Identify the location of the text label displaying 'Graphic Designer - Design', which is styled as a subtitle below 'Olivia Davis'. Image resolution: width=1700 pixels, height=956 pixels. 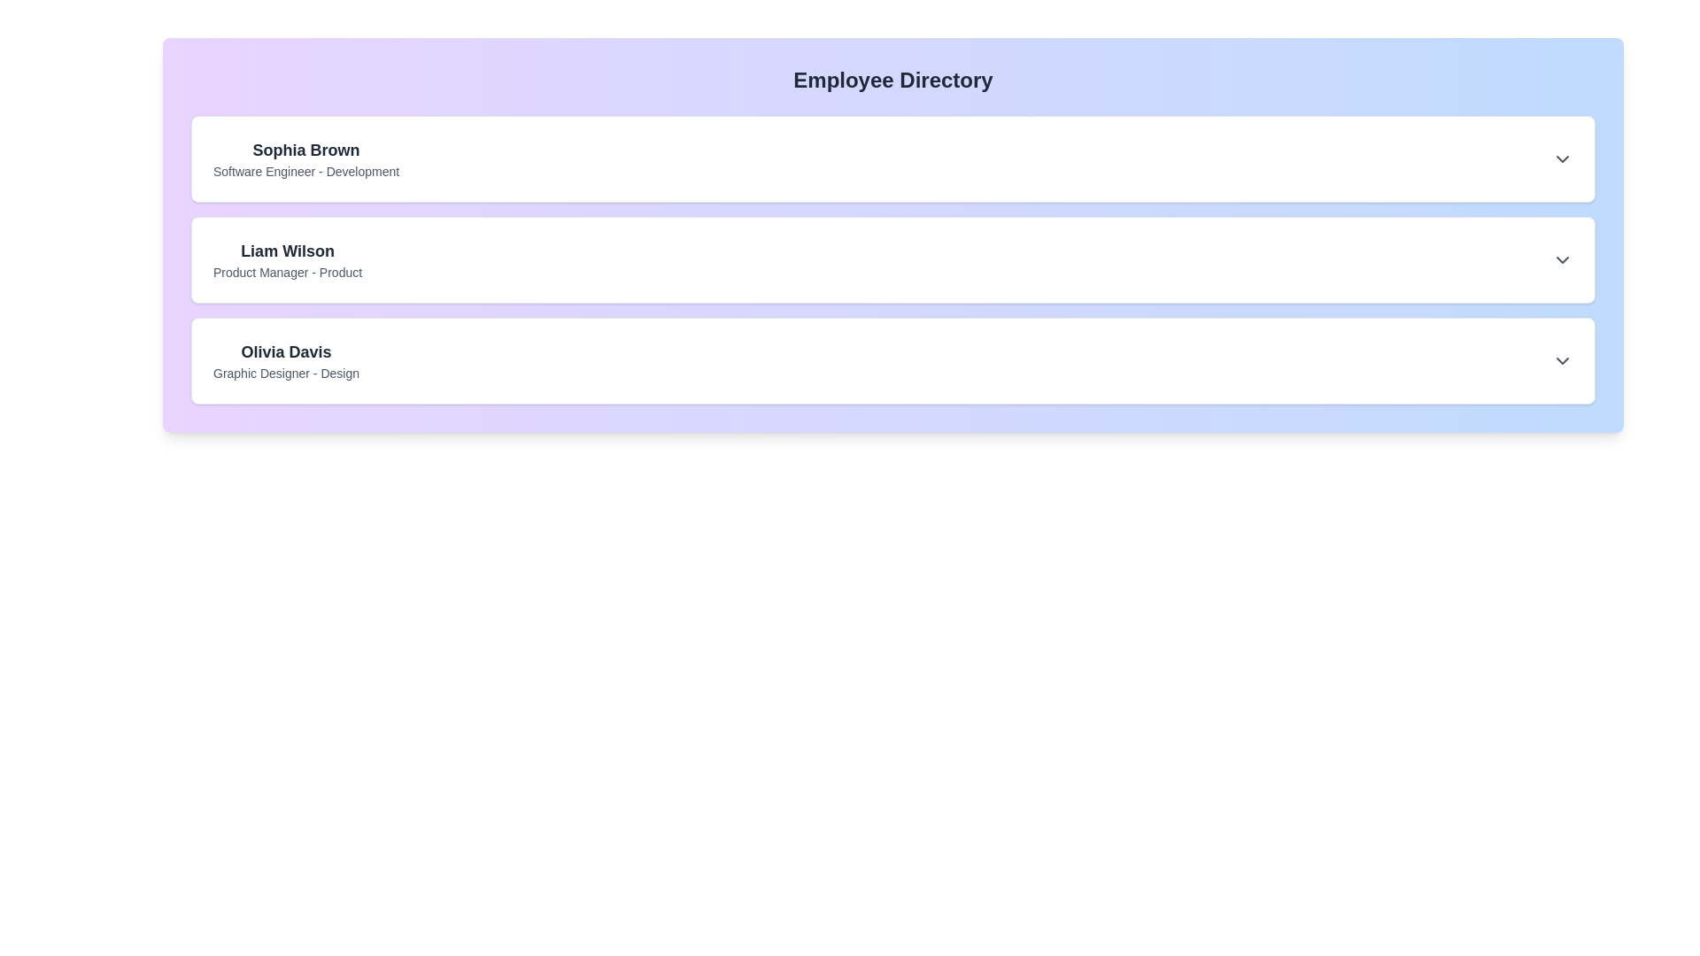
(286, 372).